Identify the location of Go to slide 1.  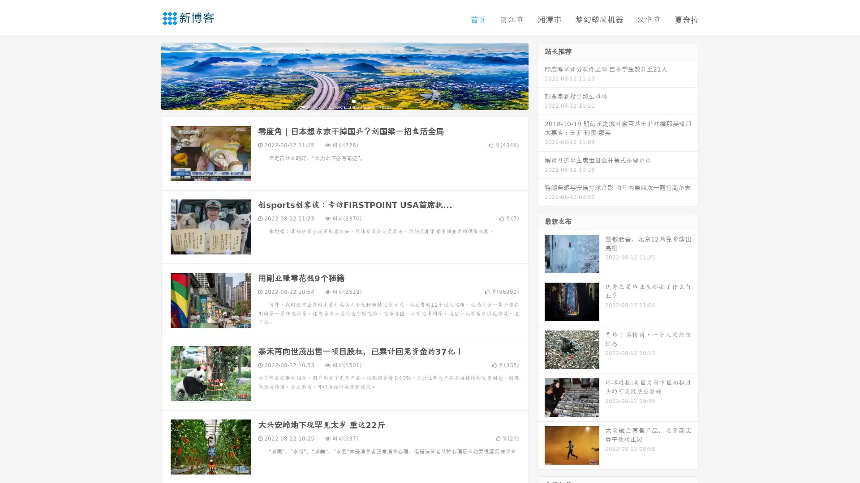
(335, 101).